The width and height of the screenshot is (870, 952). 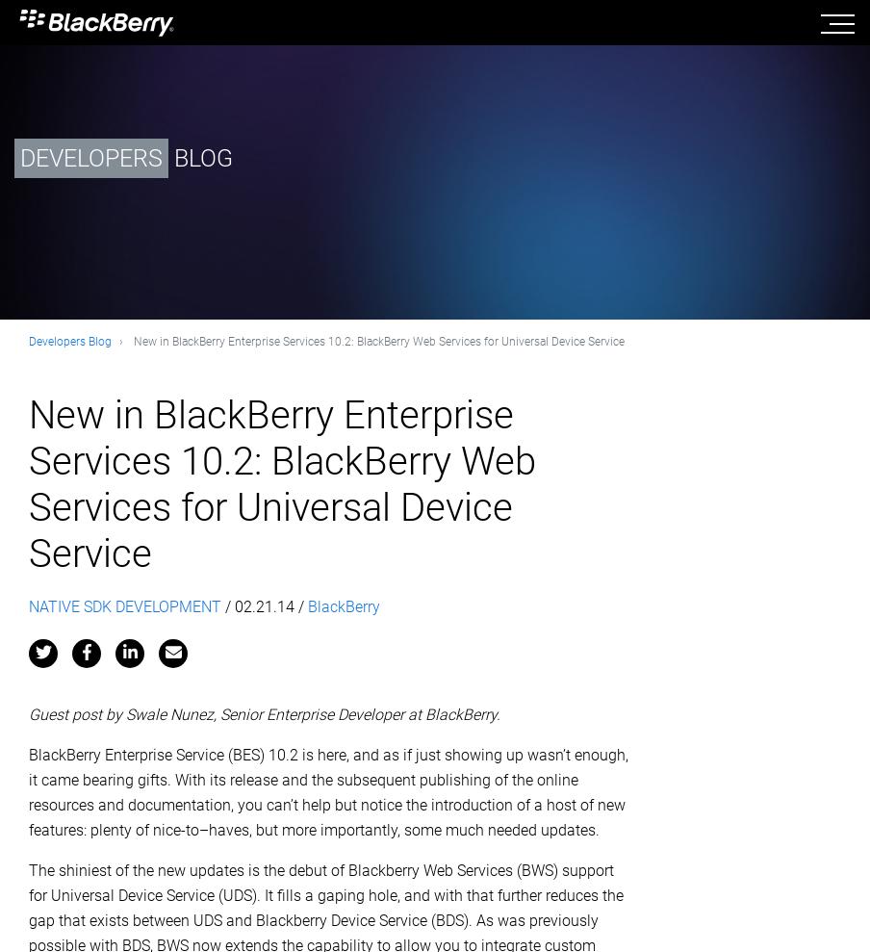 What do you see at coordinates (265, 713) in the screenshot?
I see `'Guest post by Swale Nunez, Senior Enterprise Developer at BlackBerry.'` at bounding box center [265, 713].